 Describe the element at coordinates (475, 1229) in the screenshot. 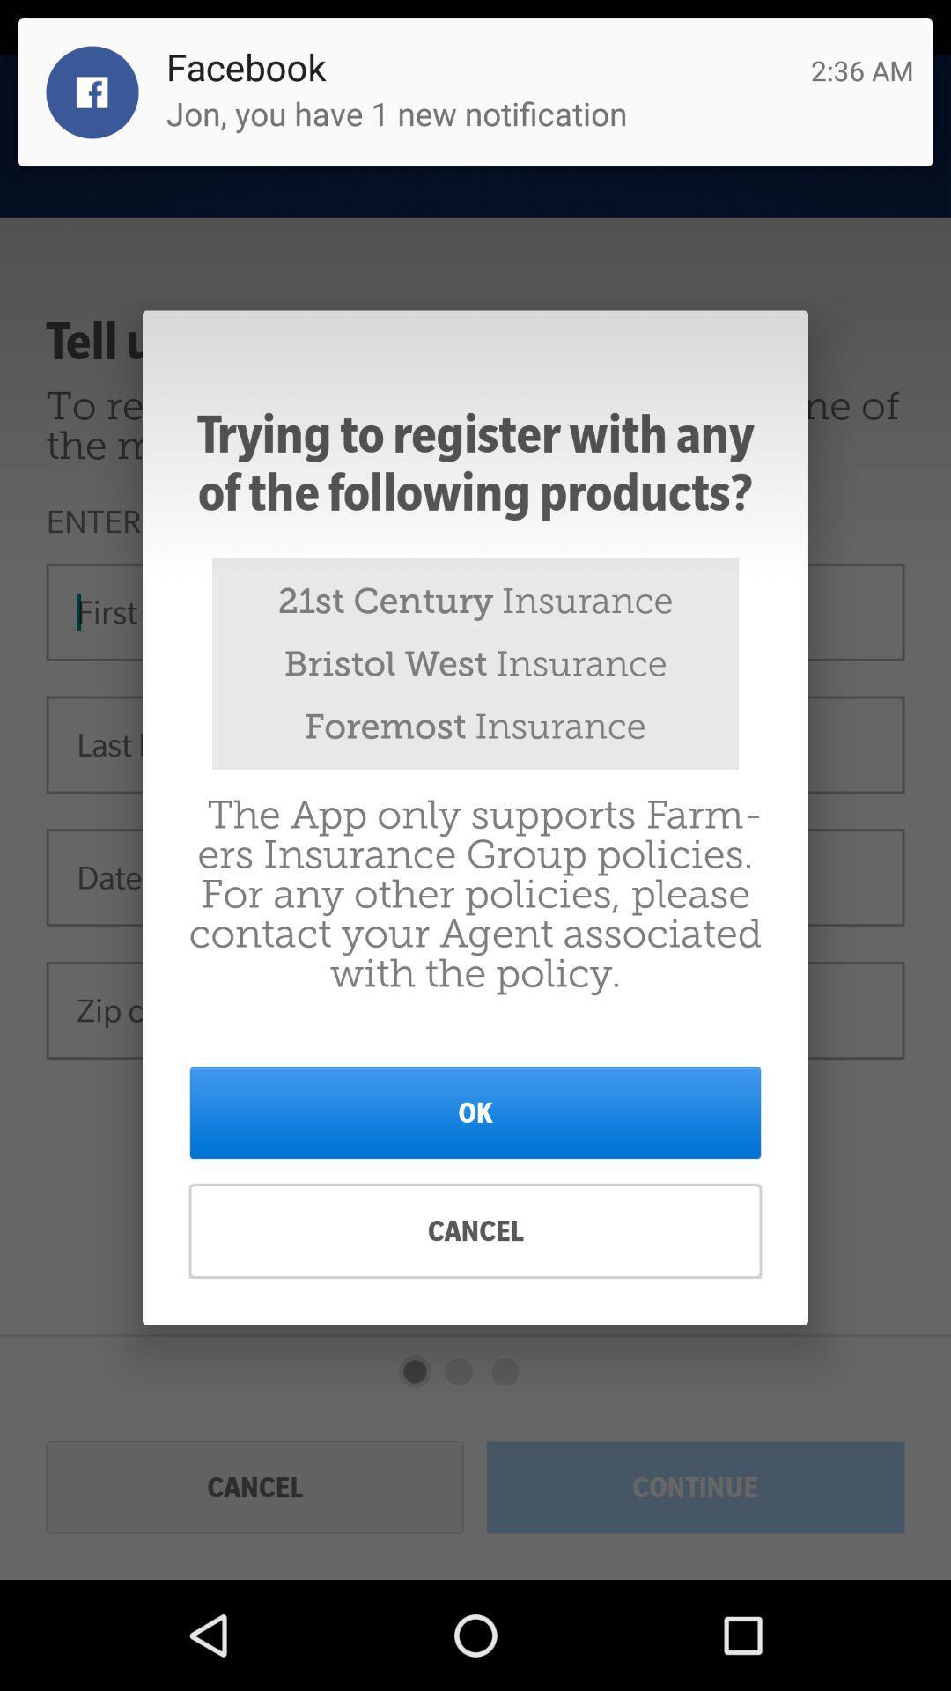

I see `the cancel at the bottom` at that location.